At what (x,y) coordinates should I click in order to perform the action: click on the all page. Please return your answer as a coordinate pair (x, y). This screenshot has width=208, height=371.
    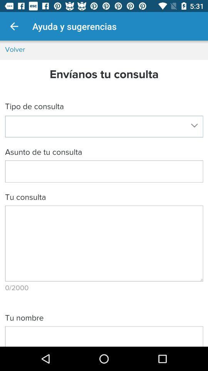
    Looking at the image, I should click on (104, 193).